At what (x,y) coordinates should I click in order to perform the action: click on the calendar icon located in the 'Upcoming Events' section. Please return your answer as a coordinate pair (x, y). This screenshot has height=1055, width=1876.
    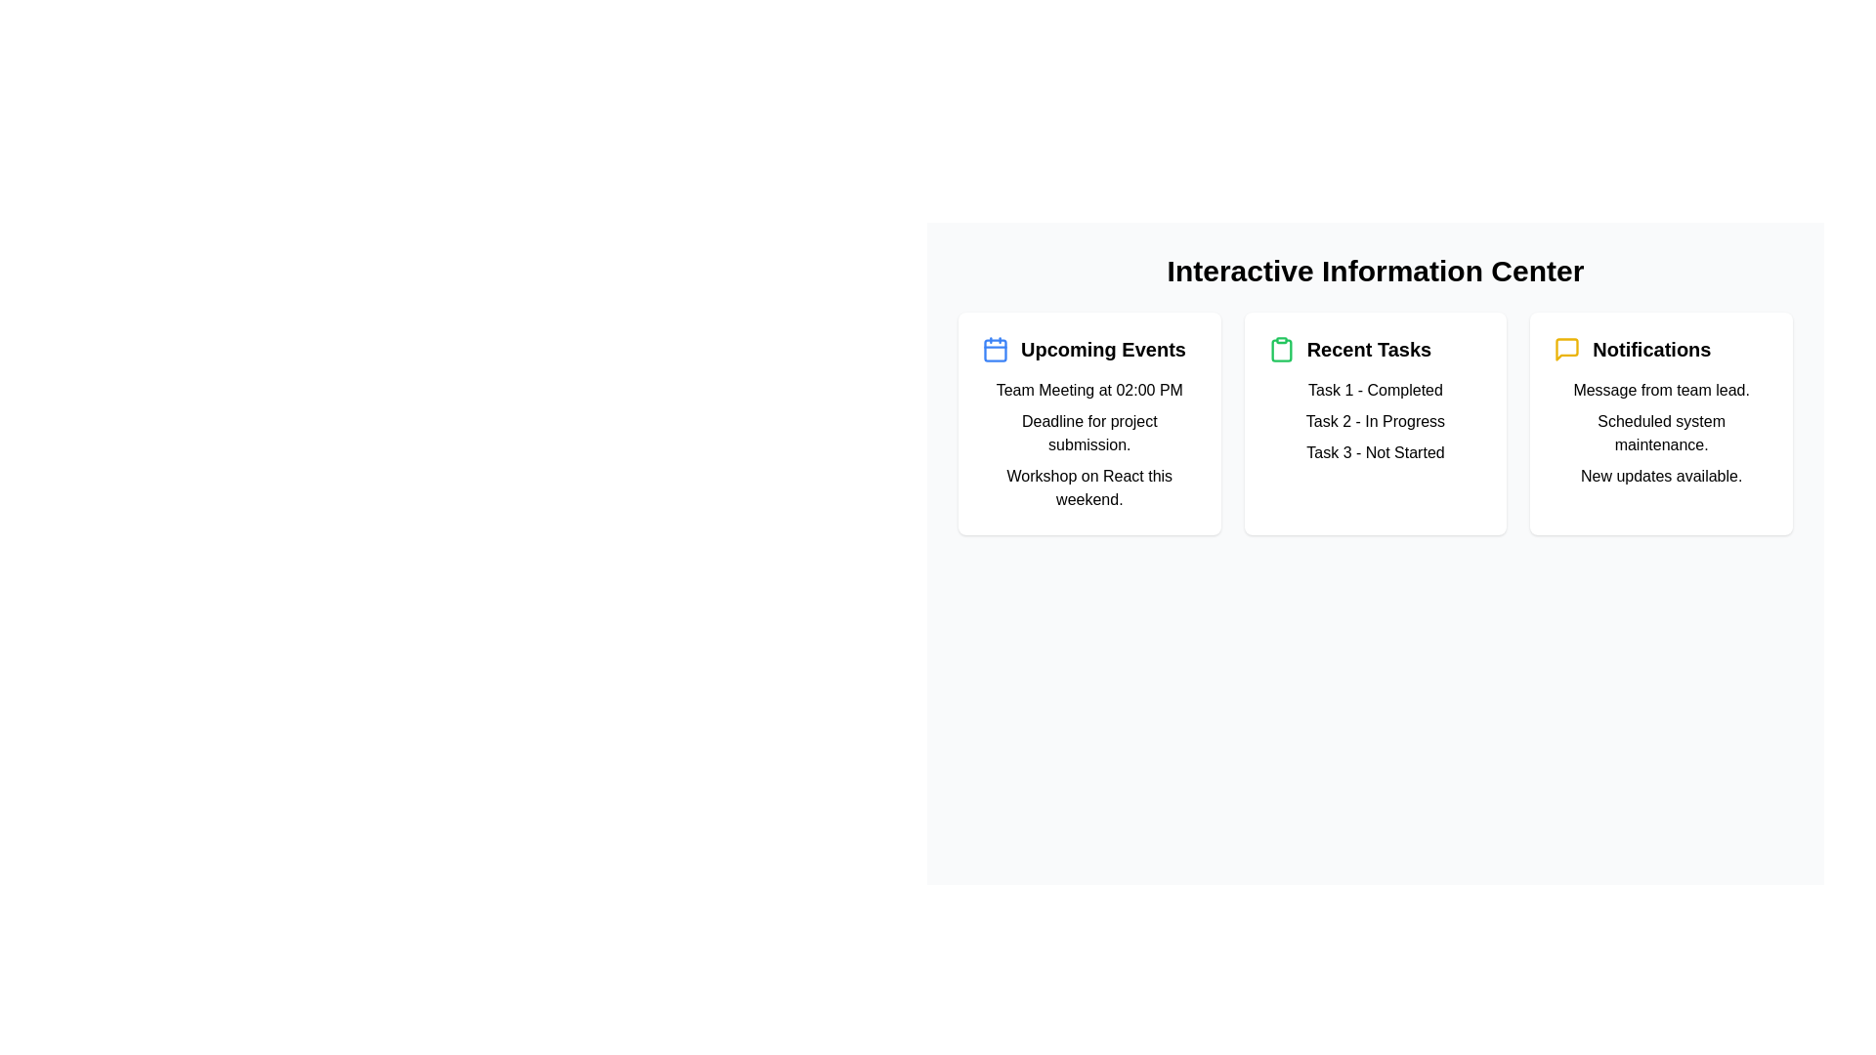
    Looking at the image, I should click on (995, 349).